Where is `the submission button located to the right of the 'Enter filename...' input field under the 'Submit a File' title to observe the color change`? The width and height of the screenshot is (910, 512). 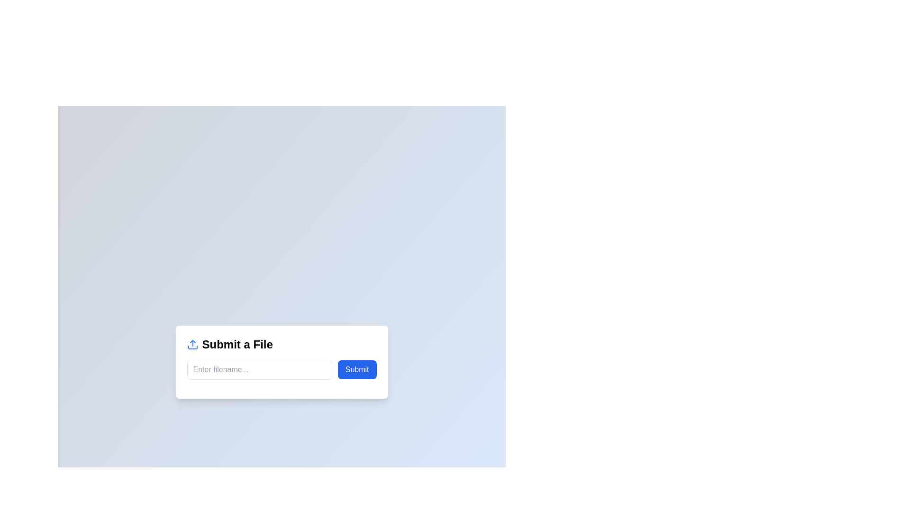 the submission button located to the right of the 'Enter filename...' input field under the 'Submit a File' title to observe the color change is located at coordinates (356, 369).